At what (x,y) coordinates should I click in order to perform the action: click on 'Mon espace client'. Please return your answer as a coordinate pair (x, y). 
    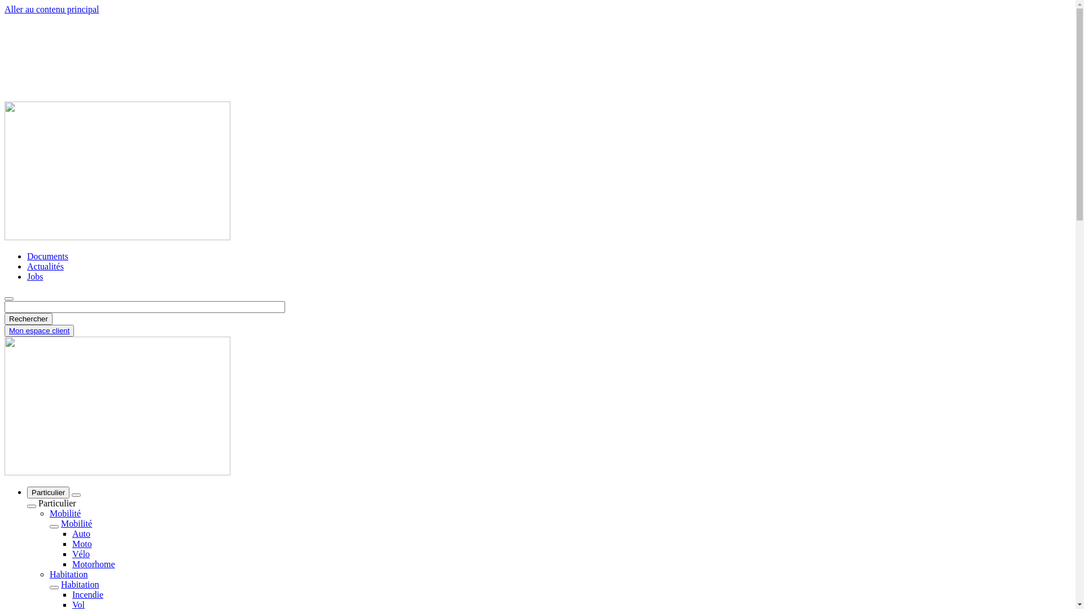
    Looking at the image, I should click on (39, 330).